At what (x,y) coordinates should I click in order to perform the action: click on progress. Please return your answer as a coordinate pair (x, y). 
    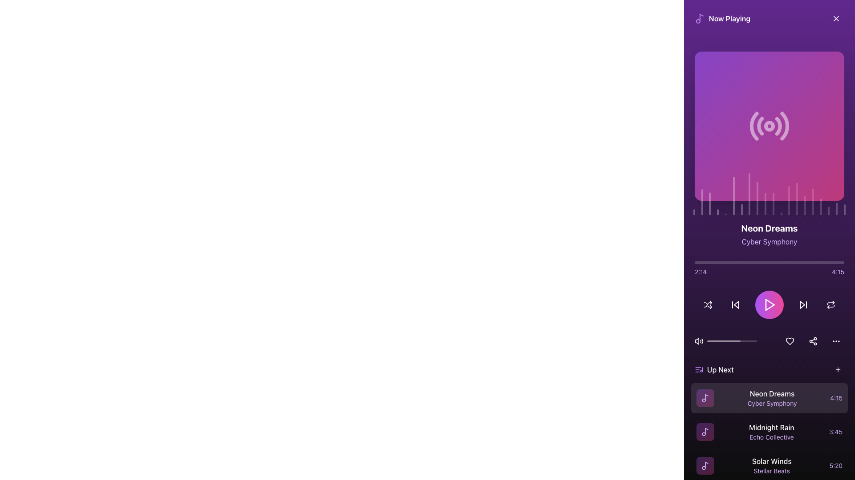
    Looking at the image, I should click on (710, 262).